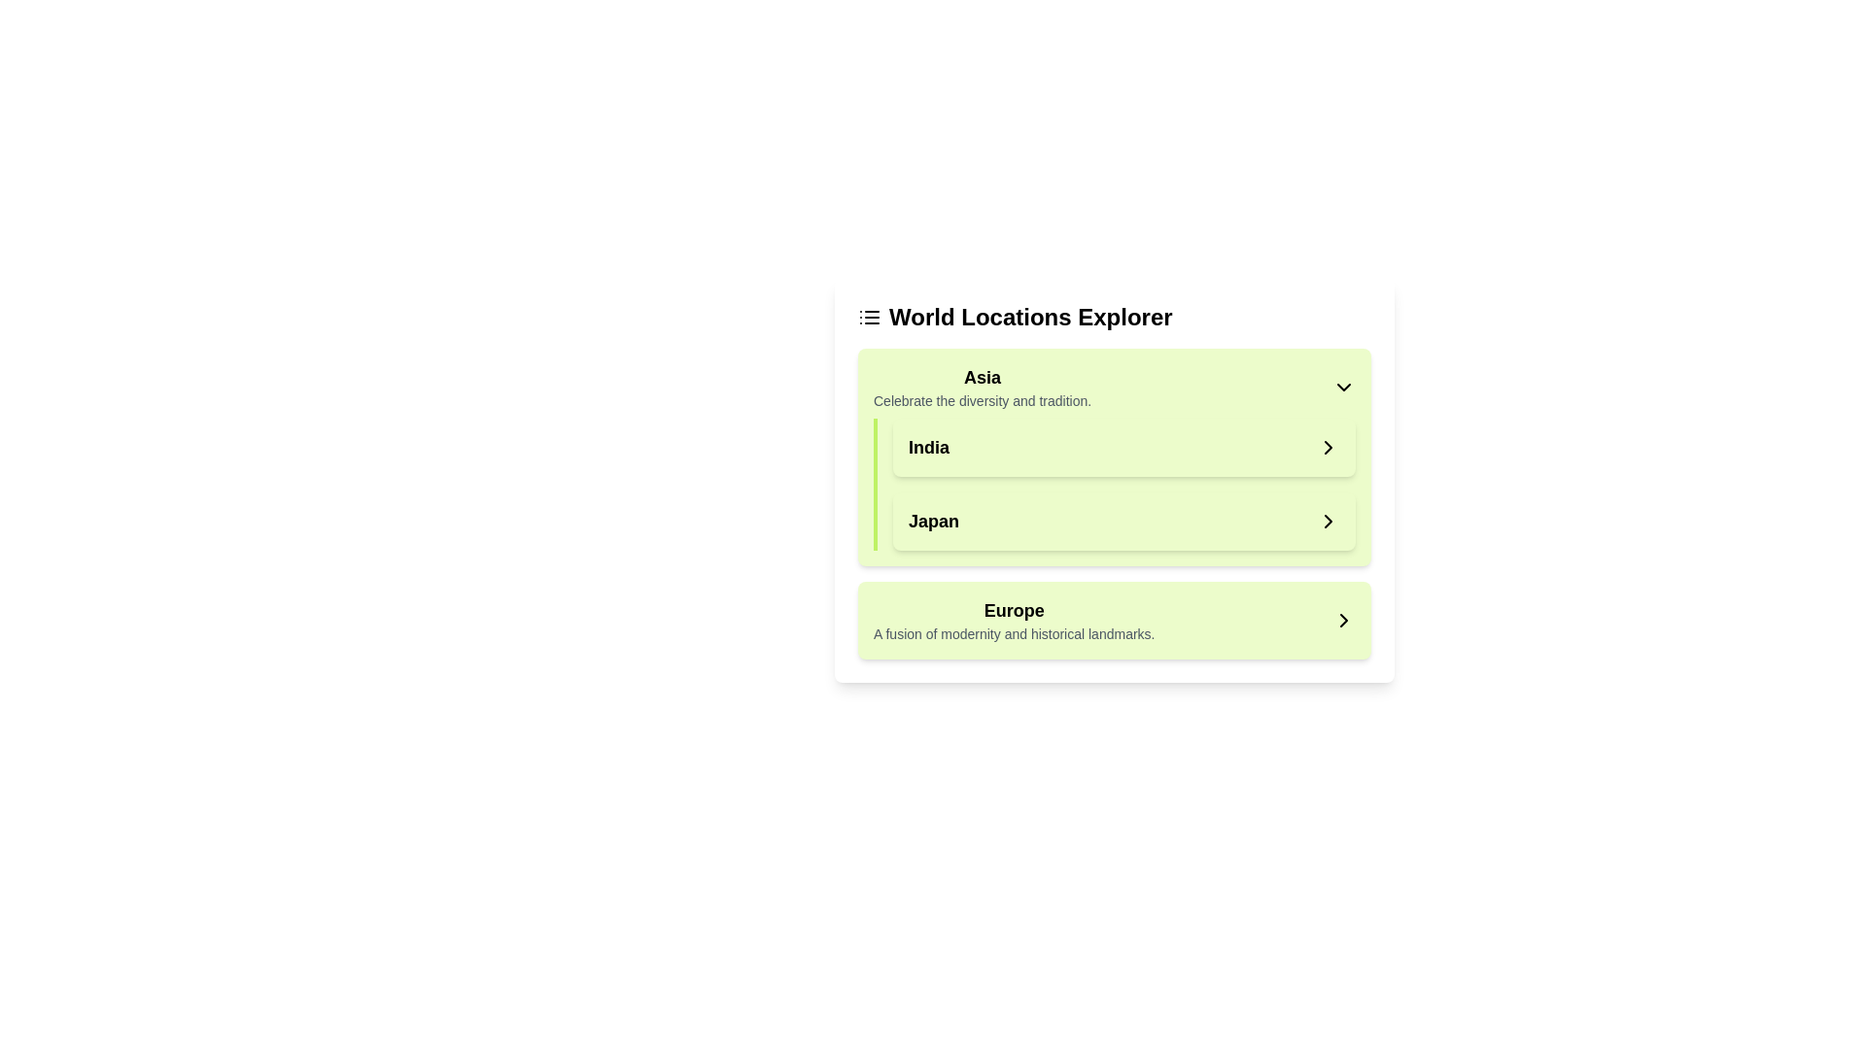 The image size is (1866, 1049). What do you see at coordinates (868, 317) in the screenshot?
I see `the compact menu icon with three horizontal lines` at bounding box center [868, 317].